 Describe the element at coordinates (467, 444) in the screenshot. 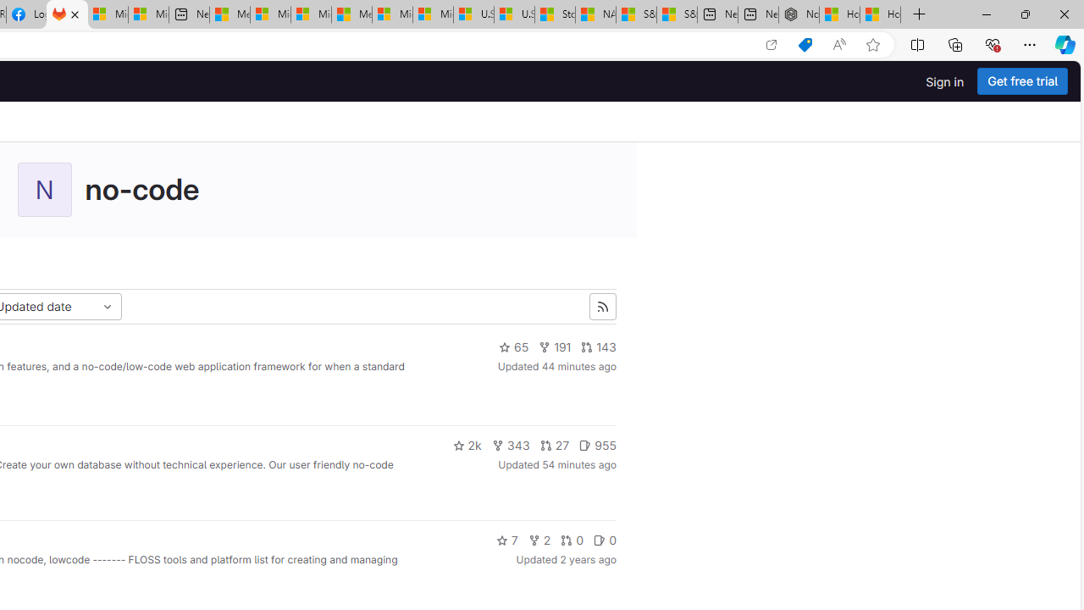

I see `'2k'` at that location.